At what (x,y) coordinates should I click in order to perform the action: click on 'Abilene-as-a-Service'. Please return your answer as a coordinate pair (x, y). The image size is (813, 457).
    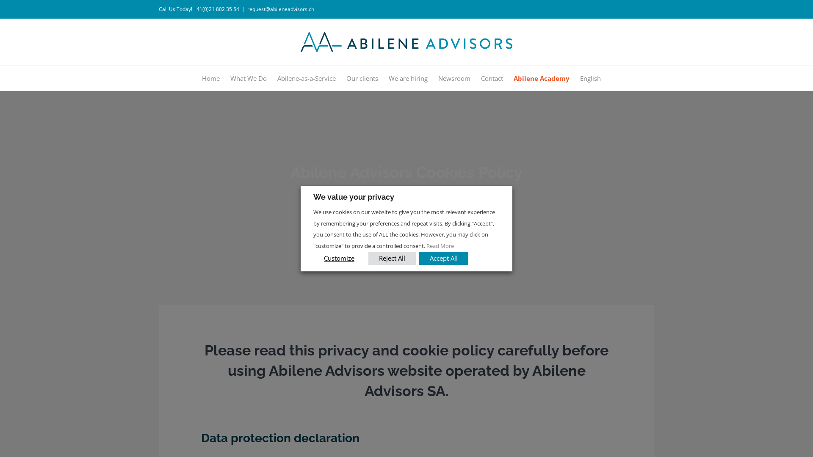
    Looking at the image, I should click on (306, 77).